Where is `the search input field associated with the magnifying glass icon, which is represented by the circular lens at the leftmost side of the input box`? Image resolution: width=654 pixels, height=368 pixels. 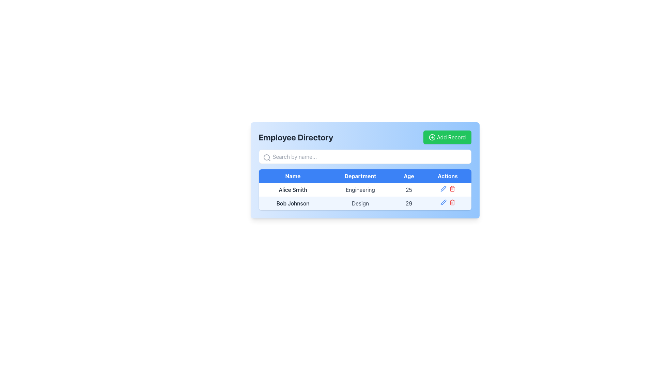 the search input field associated with the magnifying glass icon, which is represented by the circular lens at the leftmost side of the input box is located at coordinates (266, 157).